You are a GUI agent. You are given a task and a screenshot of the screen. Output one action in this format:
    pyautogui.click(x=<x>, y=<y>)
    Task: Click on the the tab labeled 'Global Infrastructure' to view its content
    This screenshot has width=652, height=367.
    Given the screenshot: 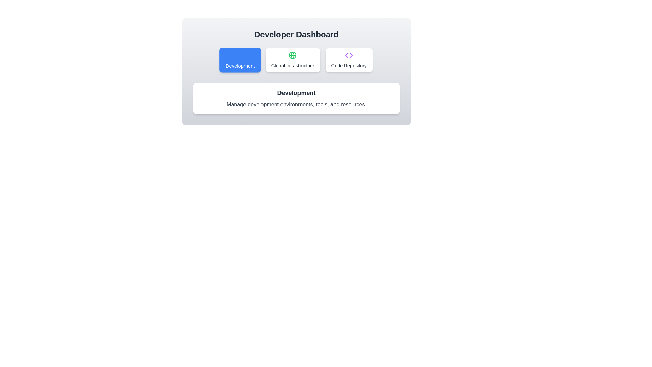 What is the action you would take?
    pyautogui.click(x=293, y=60)
    